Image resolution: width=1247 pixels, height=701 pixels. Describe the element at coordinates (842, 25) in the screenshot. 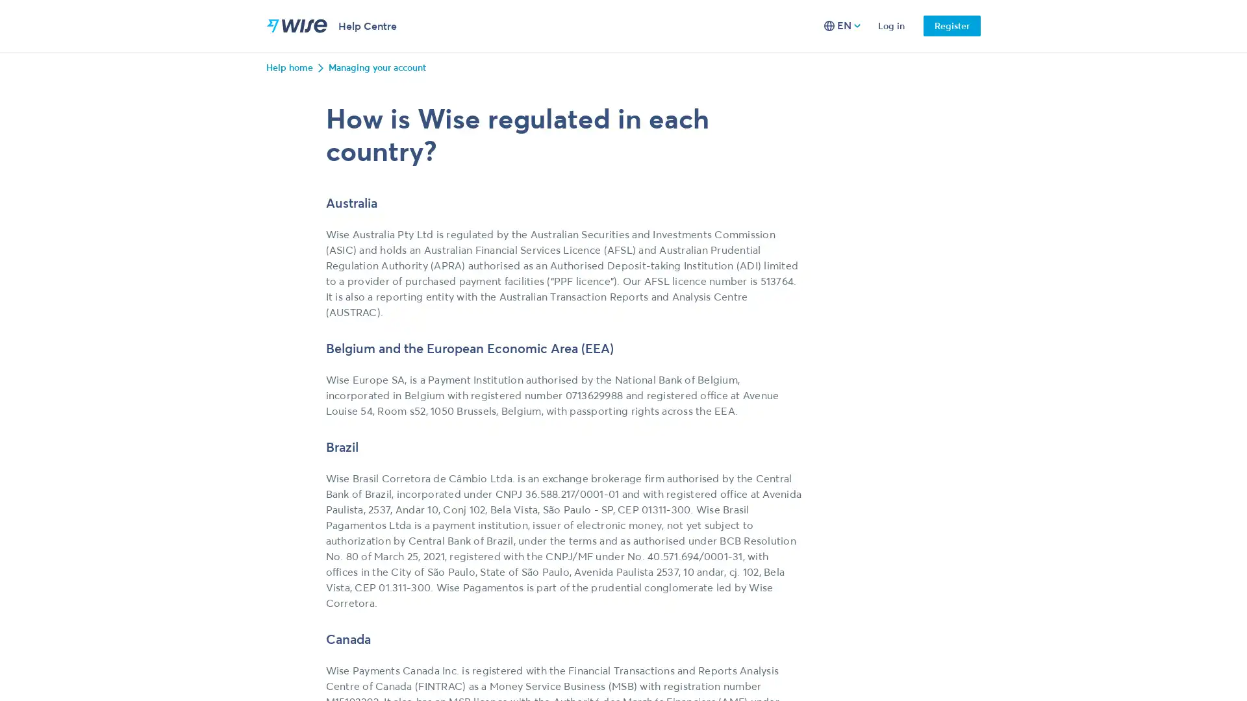

I see `EN` at that location.